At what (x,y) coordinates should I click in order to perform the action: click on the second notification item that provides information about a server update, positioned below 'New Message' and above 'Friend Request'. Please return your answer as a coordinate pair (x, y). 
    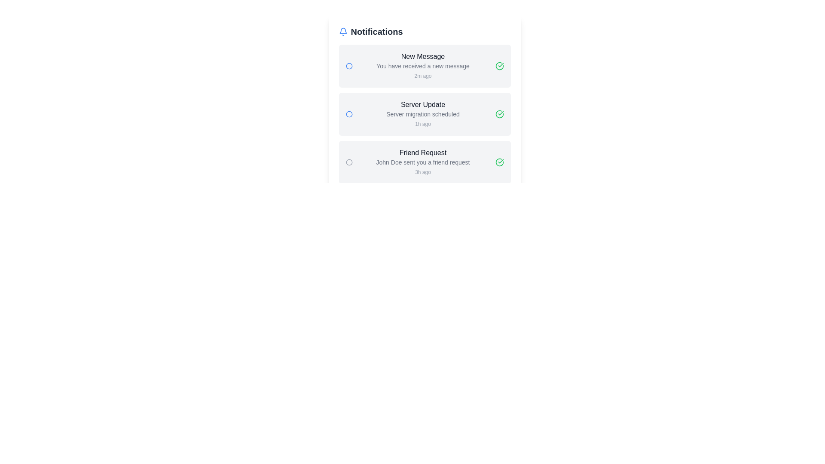
    Looking at the image, I should click on (423, 114).